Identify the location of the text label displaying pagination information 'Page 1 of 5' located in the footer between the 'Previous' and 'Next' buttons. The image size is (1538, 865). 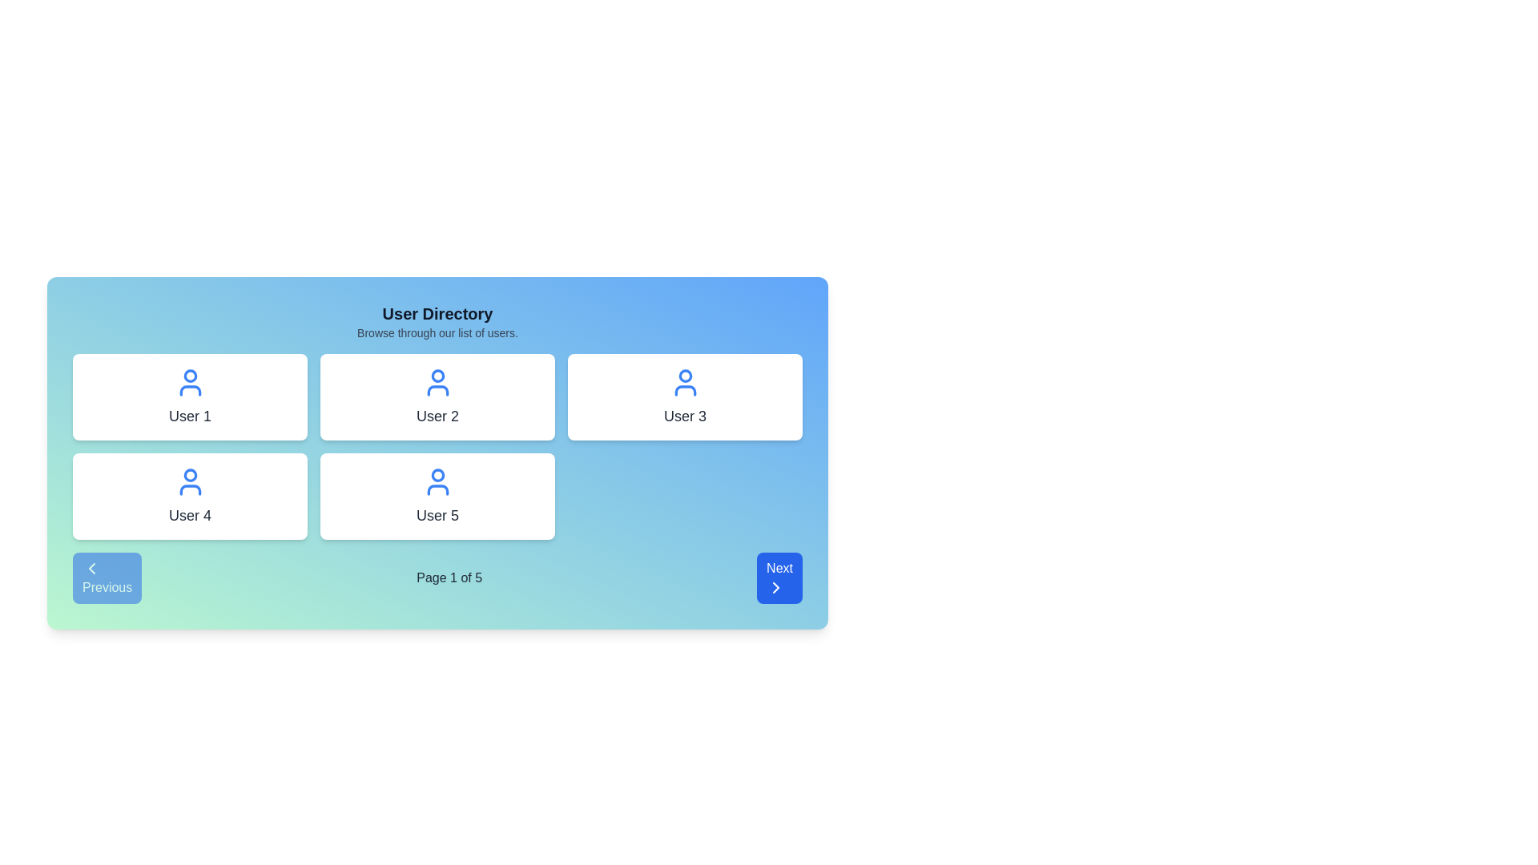
(449, 577).